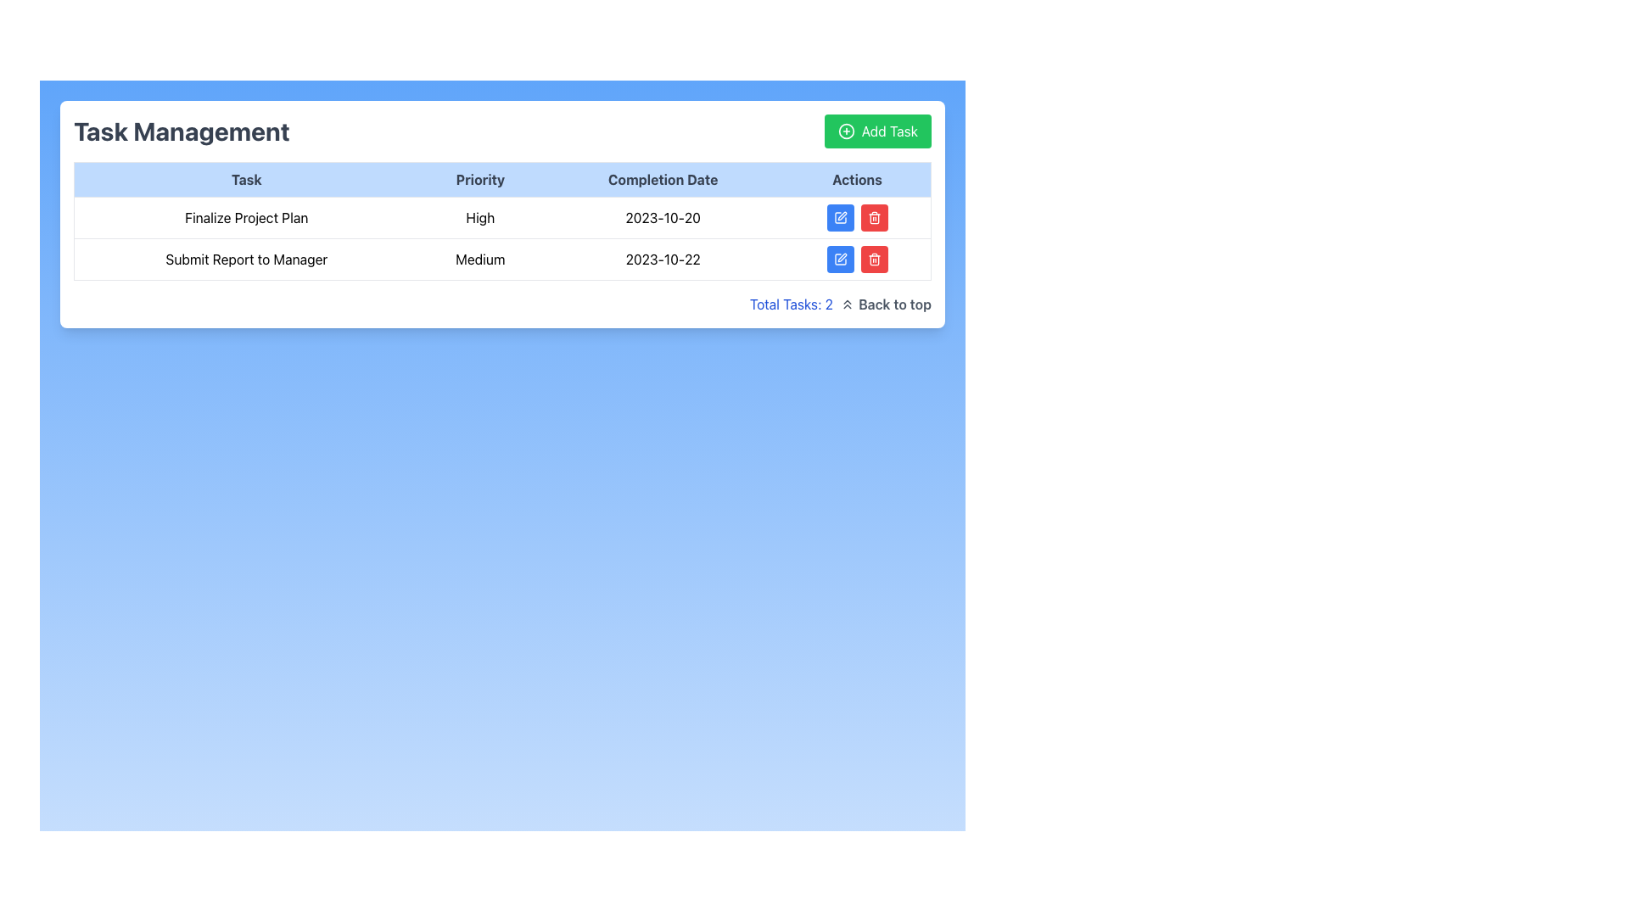  I want to click on the delete button located on the right side of the Actions column in the table, so click(874, 259).